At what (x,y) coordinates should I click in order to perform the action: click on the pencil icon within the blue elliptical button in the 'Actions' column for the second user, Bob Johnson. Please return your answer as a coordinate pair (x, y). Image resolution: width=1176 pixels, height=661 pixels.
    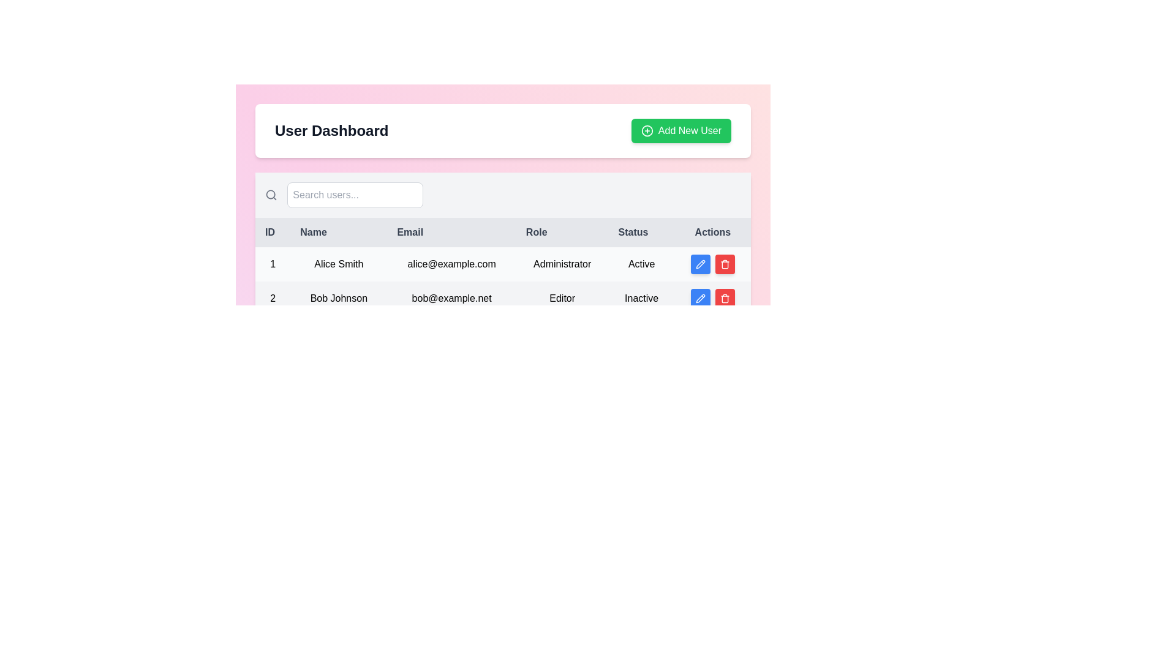
    Looking at the image, I should click on (700, 299).